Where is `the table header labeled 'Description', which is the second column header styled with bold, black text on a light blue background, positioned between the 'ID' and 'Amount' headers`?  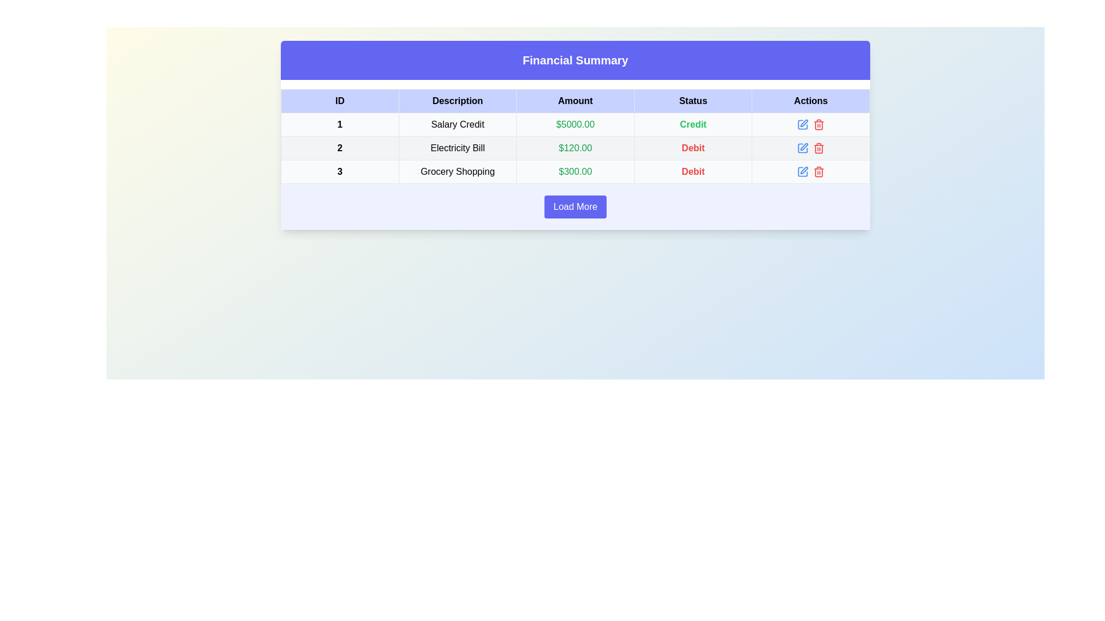
the table header labeled 'Description', which is the second column header styled with bold, black text on a light blue background, positioned between the 'ID' and 'Amount' headers is located at coordinates (457, 101).